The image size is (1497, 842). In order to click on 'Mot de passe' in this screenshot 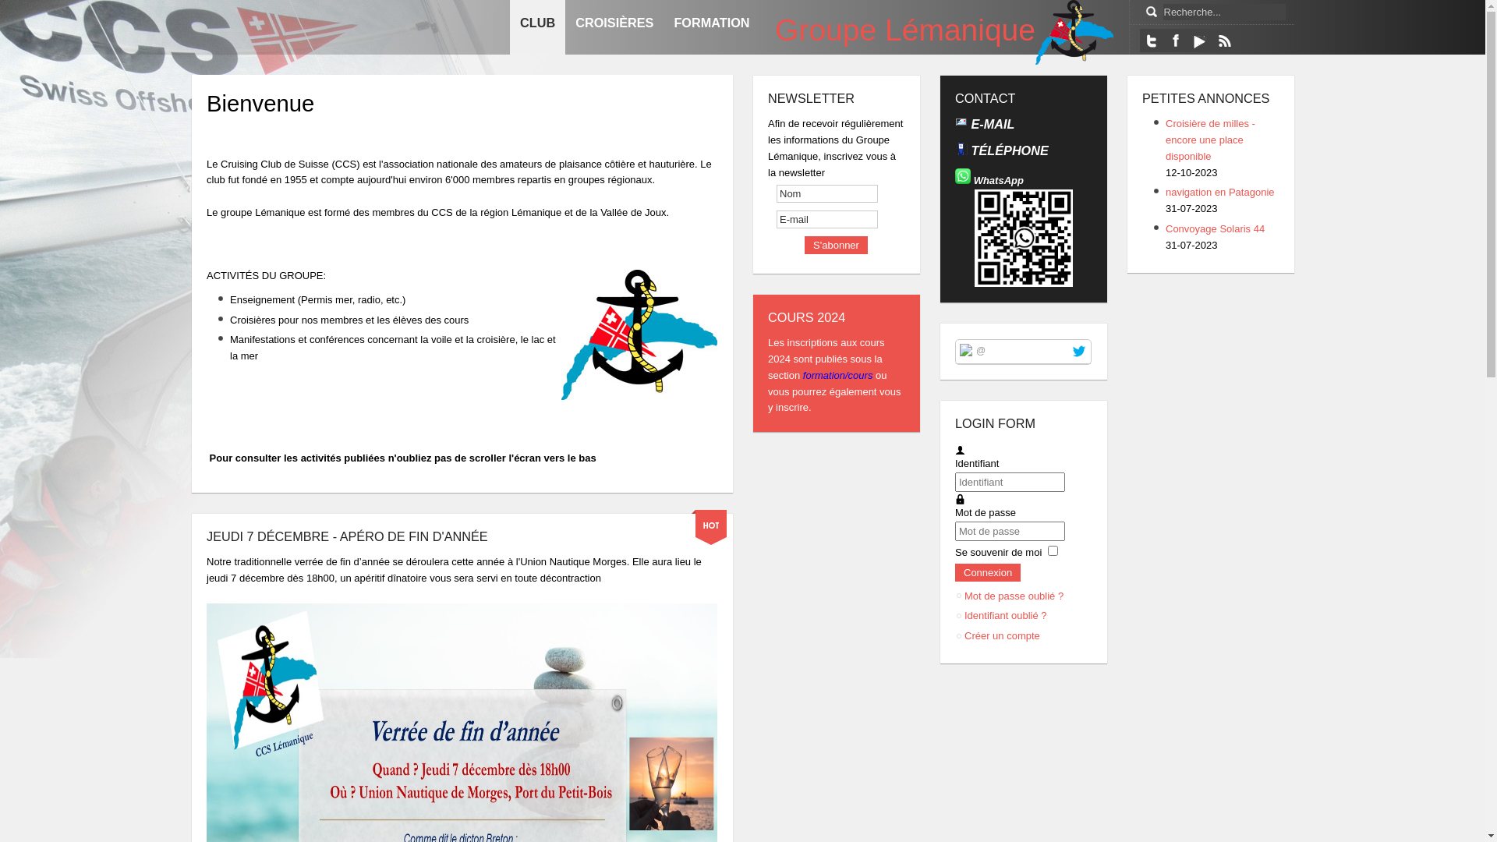, I will do `click(960, 499)`.